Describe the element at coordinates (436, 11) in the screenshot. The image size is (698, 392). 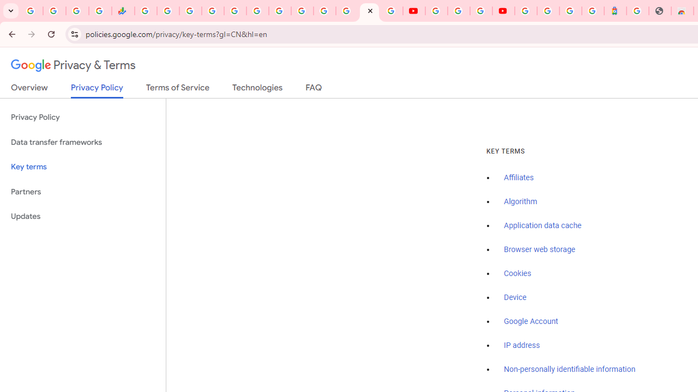
I see `'YouTube'` at that location.